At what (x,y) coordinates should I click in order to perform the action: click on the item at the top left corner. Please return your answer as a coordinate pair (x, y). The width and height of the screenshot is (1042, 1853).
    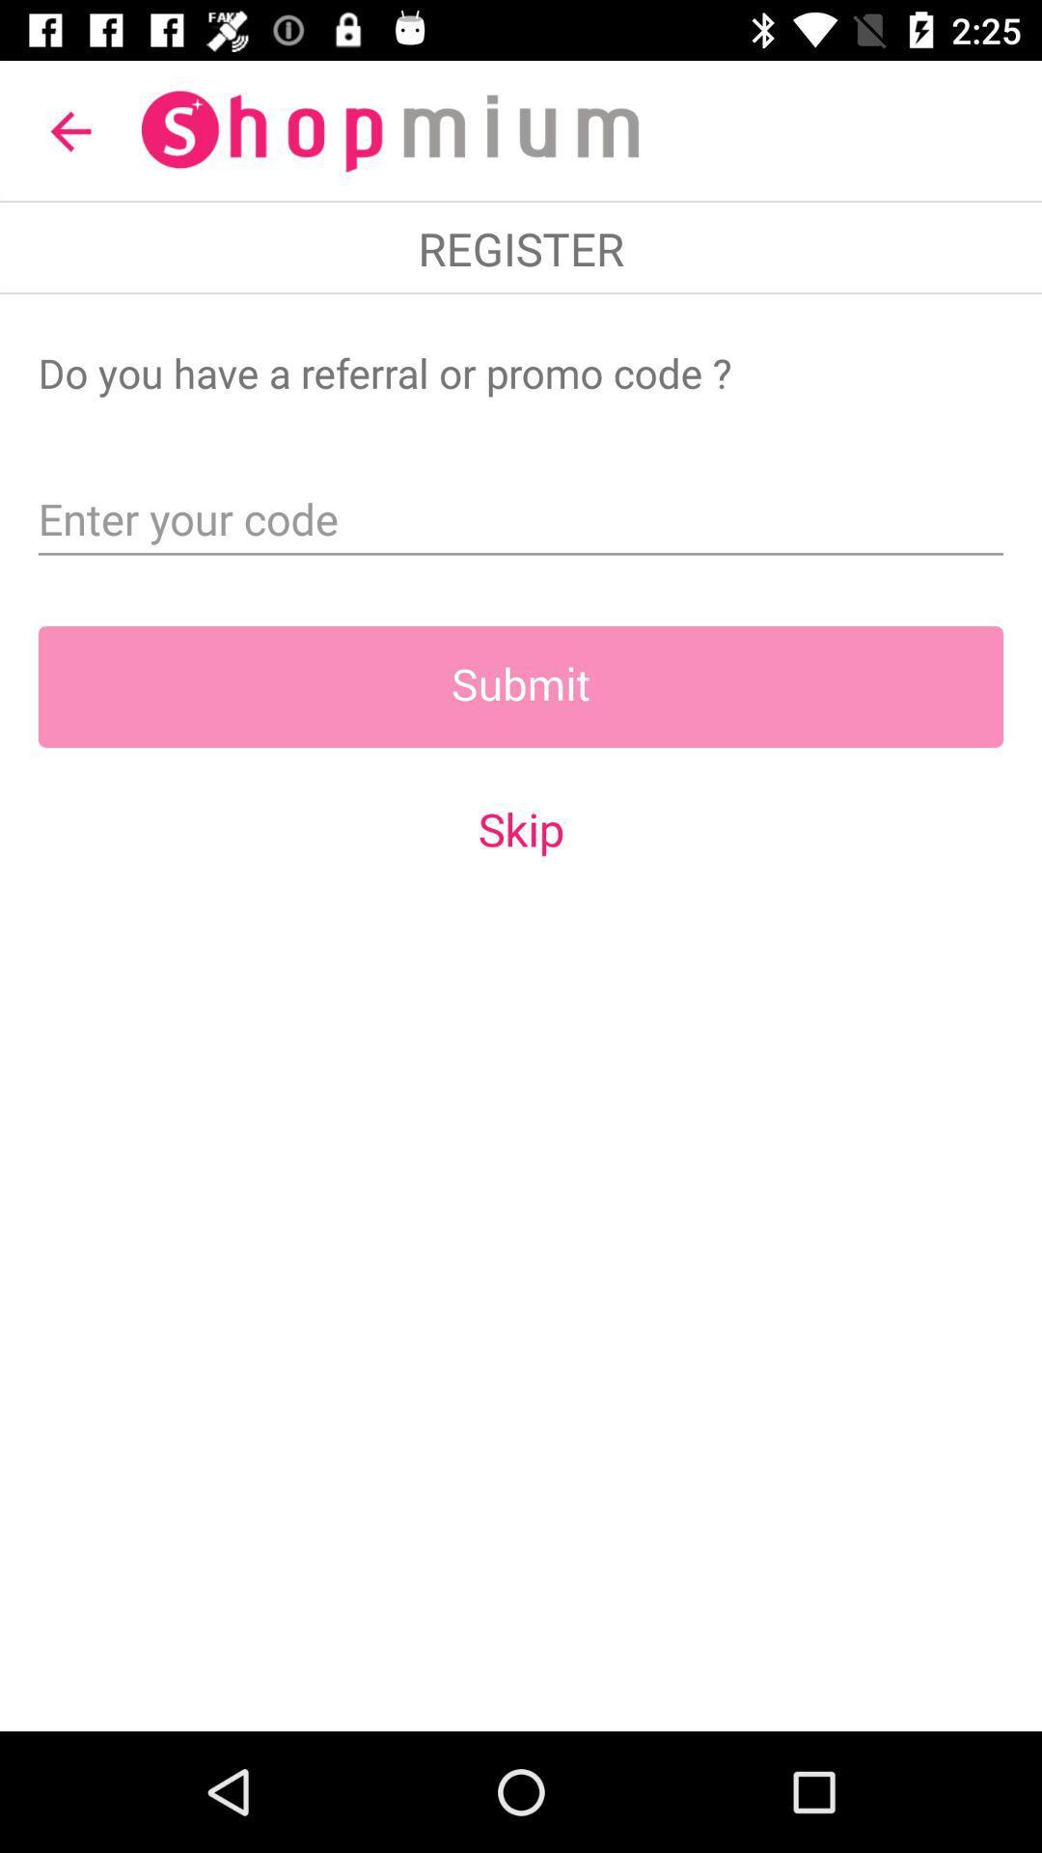
    Looking at the image, I should click on (69, 130).